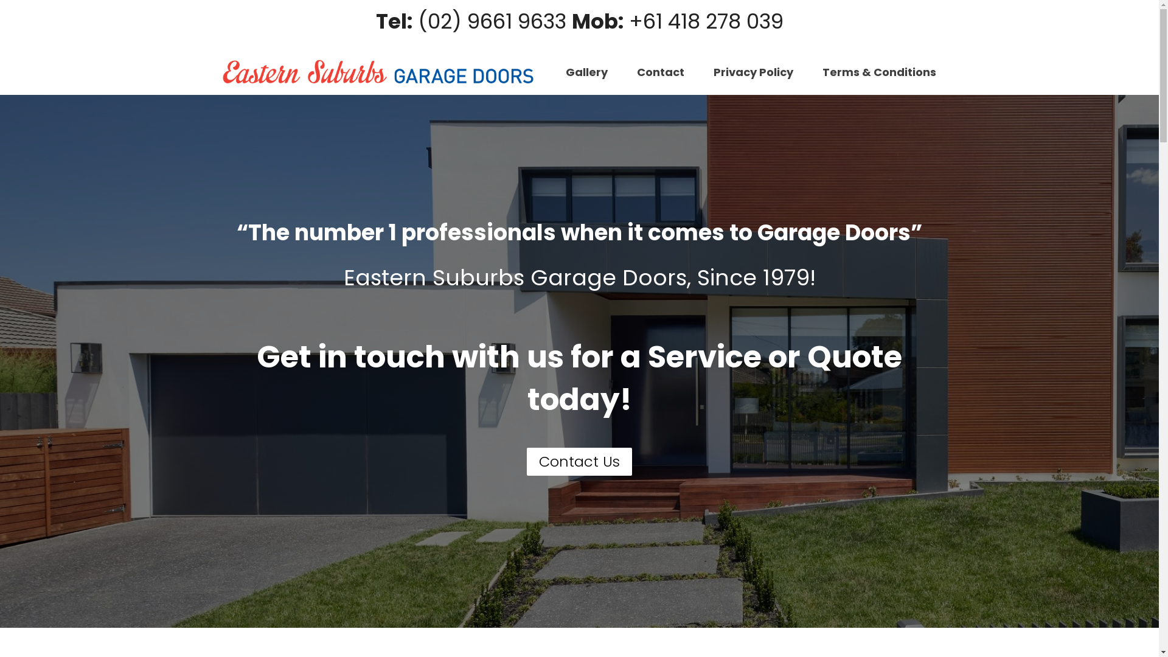 The height and width of the screenshot is (657, 1168). I want to click on 'Terms & Conditions', so click(879, 72).